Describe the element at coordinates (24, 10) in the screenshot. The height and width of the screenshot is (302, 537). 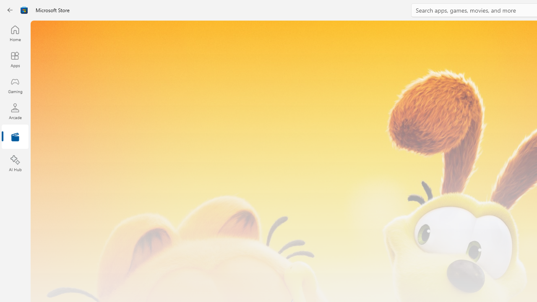
I see `'Class: Image'` at that location.